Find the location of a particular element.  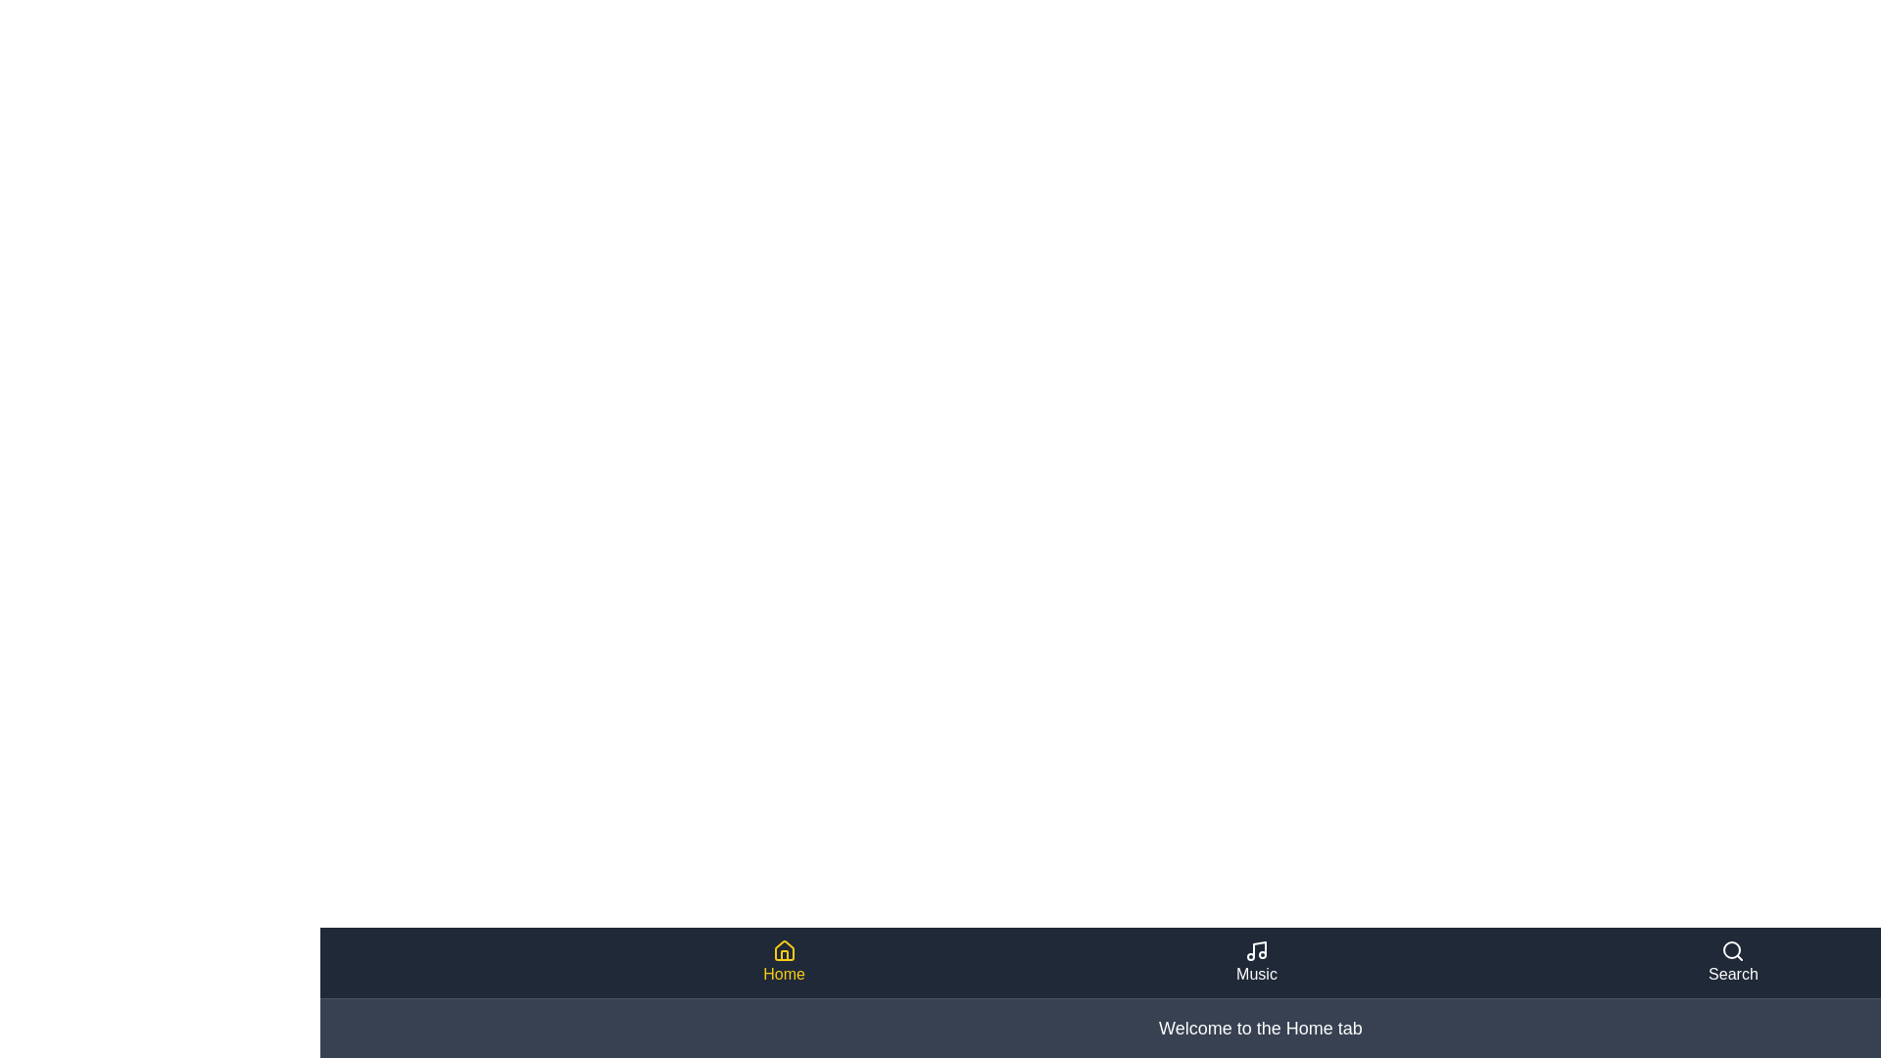

the Music tab to view its content is located at coordinates (1255, 962).